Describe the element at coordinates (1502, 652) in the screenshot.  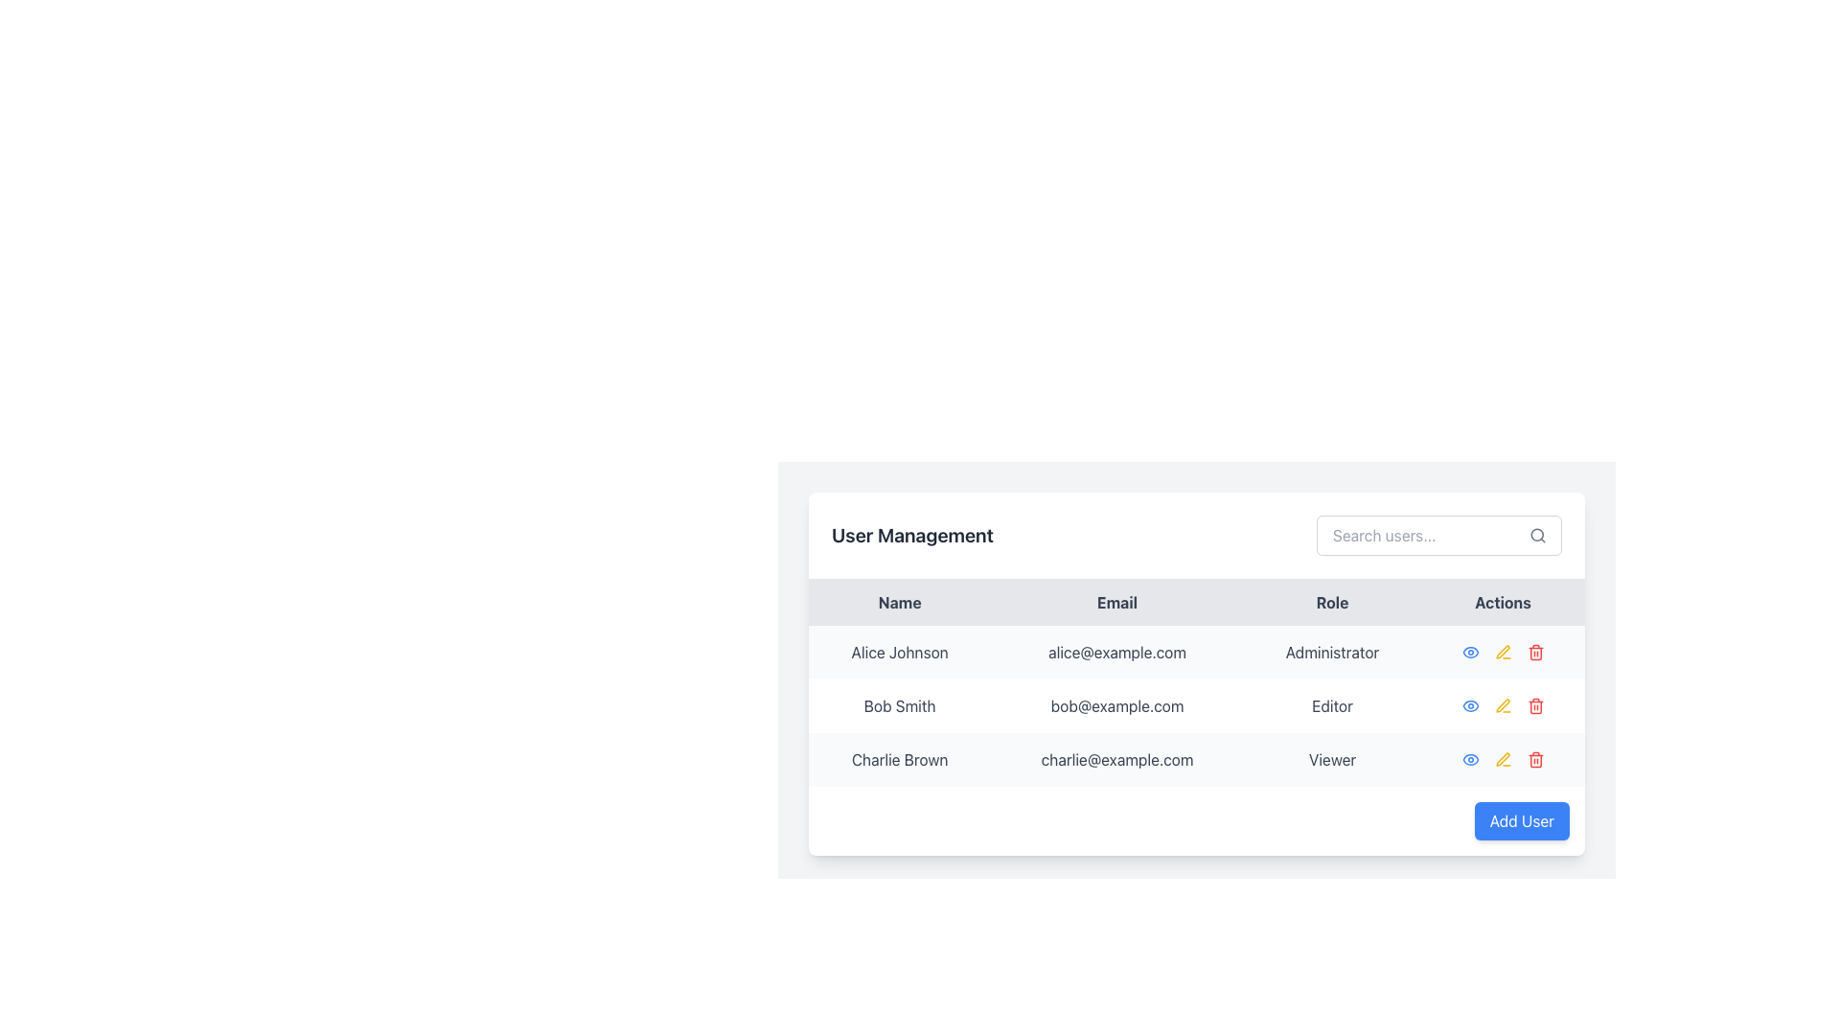
I see `the yellow pencil icon in the Actions column of the first row for 'Alice Johnson'` at that location.